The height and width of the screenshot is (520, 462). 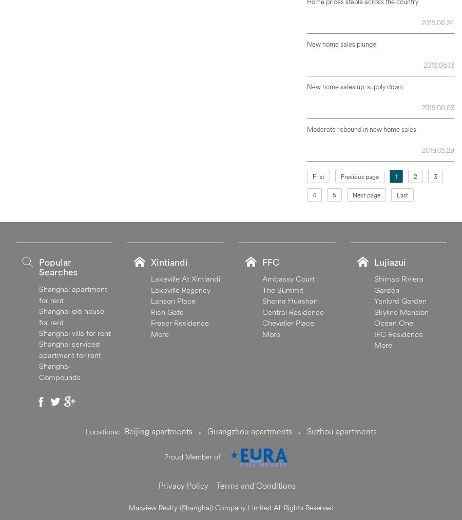 What do you see at coordinates (185, 278) in the screenshot?
I see `'Lakeville At Xintiandi'` at bounding box center [185, 278].